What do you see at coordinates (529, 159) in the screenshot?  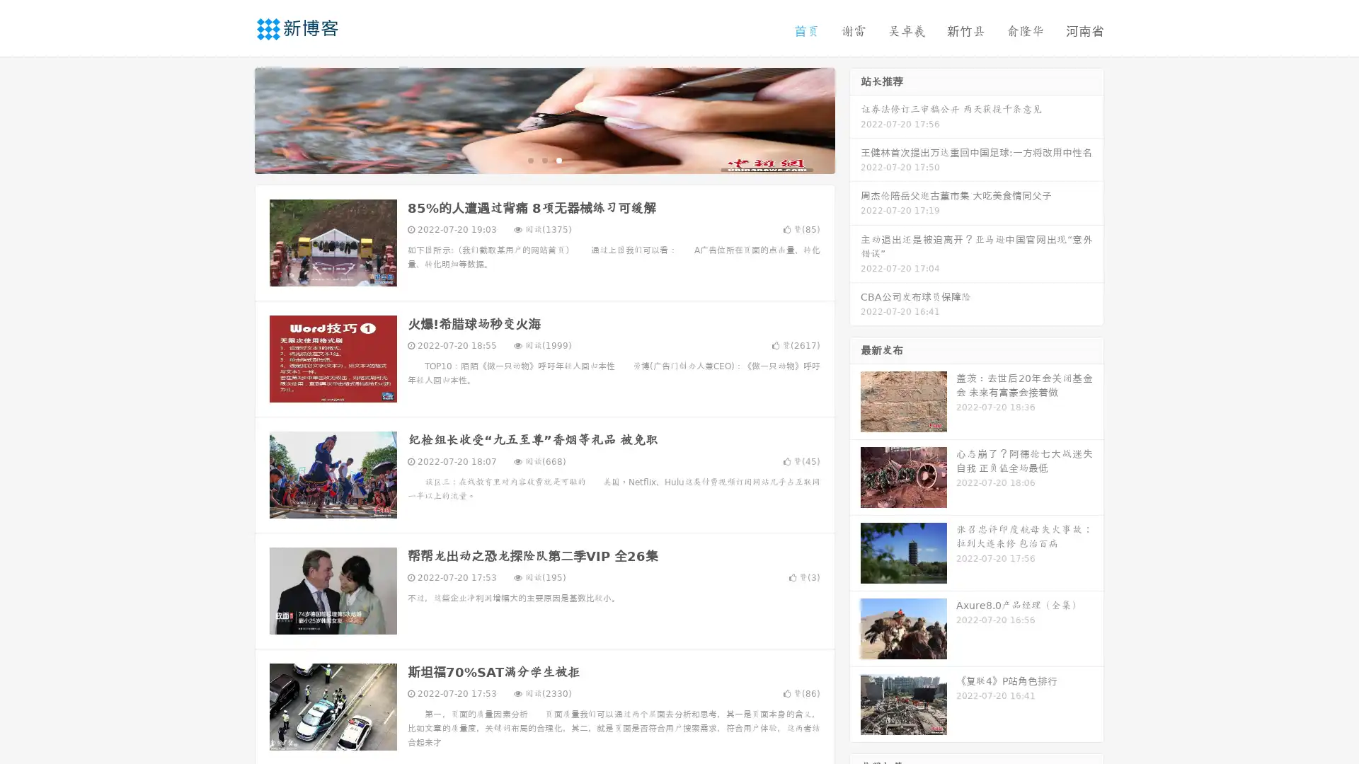 I see `Go to slide 1` at bounding box center [529, 159].